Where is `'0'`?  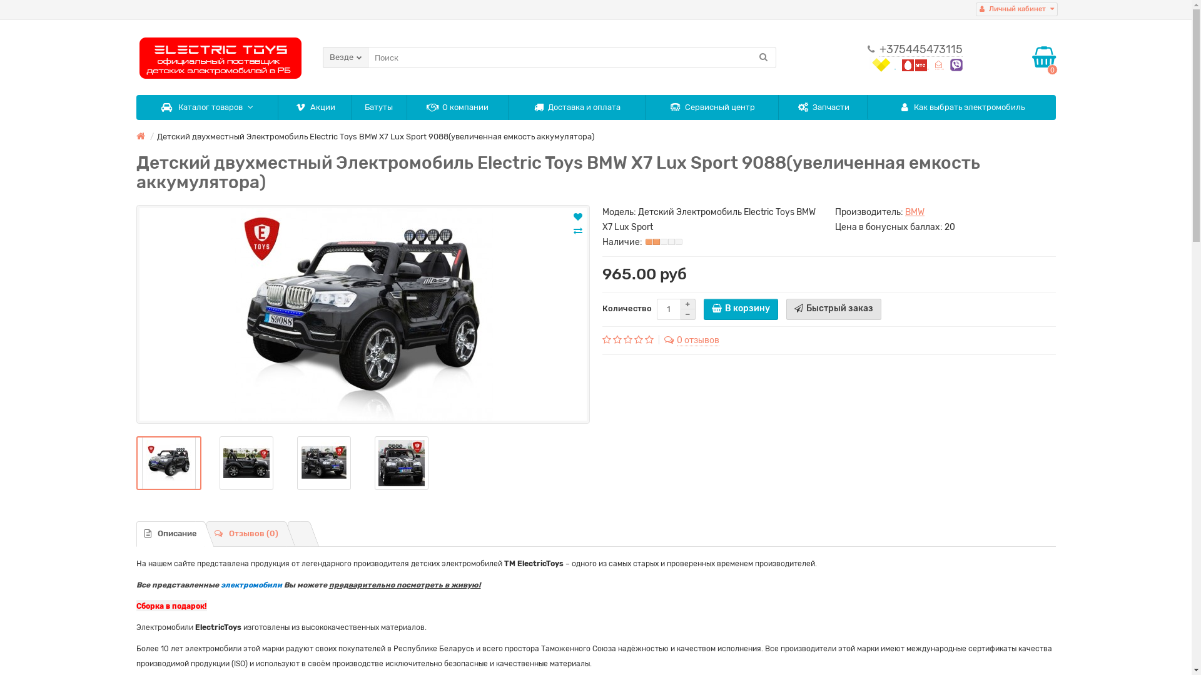 '0' is located at coordinates (1044, 57).